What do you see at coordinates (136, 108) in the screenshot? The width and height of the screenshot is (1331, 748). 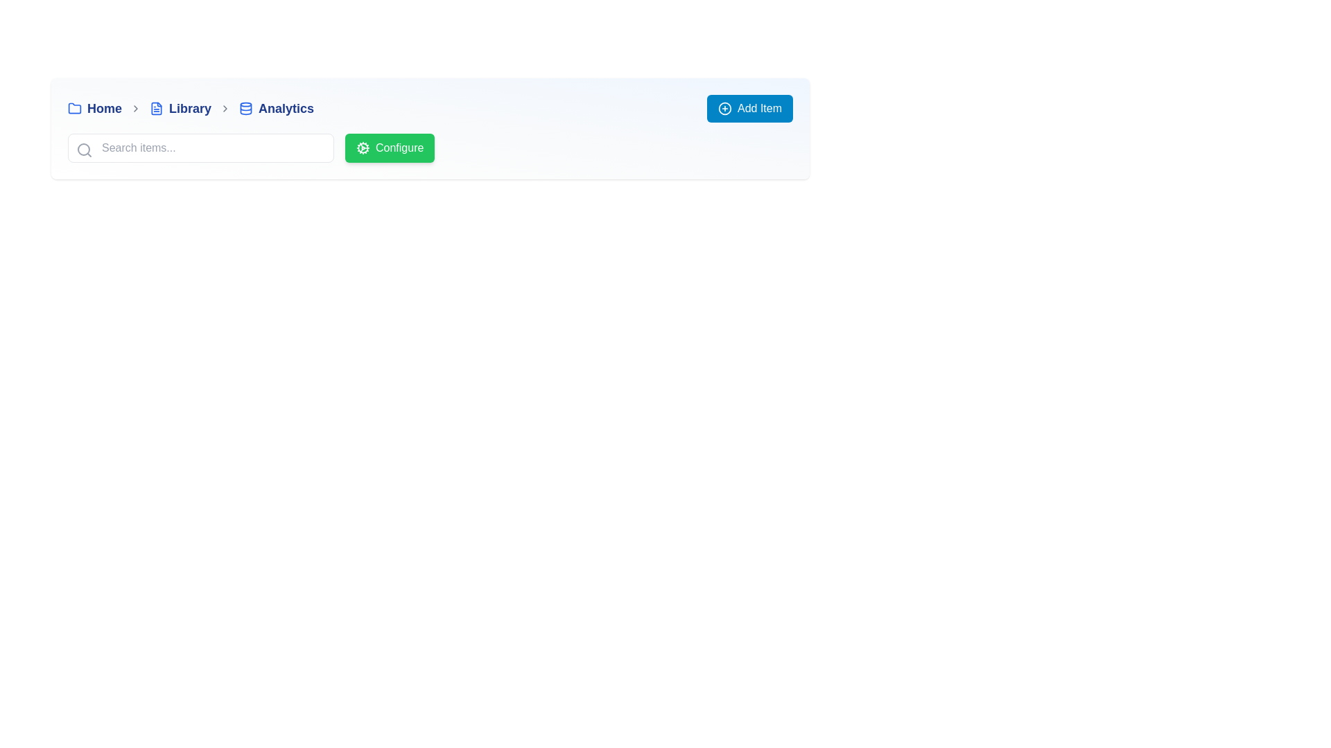 I see `the gray chevron-right icon in the breadcrumb navigation bar, which links the 'Home' and 'Library' text elements` at bounding box center [136, 108].